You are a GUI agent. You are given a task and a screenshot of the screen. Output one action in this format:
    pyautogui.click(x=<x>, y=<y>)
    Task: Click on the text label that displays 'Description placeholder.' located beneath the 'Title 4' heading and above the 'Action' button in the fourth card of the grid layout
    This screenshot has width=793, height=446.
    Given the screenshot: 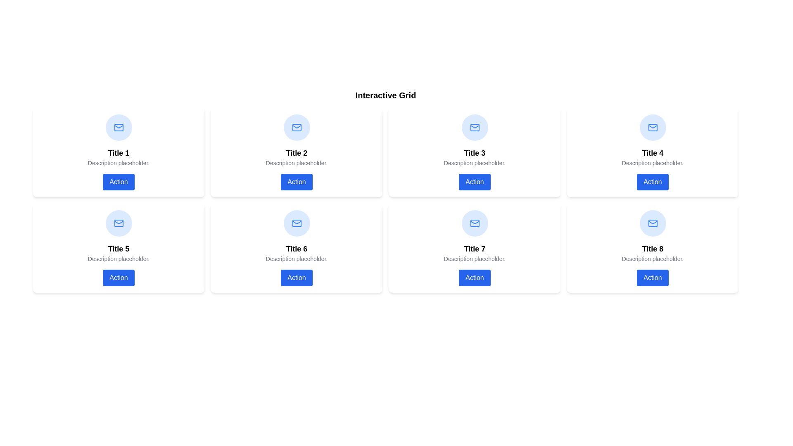 What is the action you would take?
    pyautogui.click(x=652, y=163)
    